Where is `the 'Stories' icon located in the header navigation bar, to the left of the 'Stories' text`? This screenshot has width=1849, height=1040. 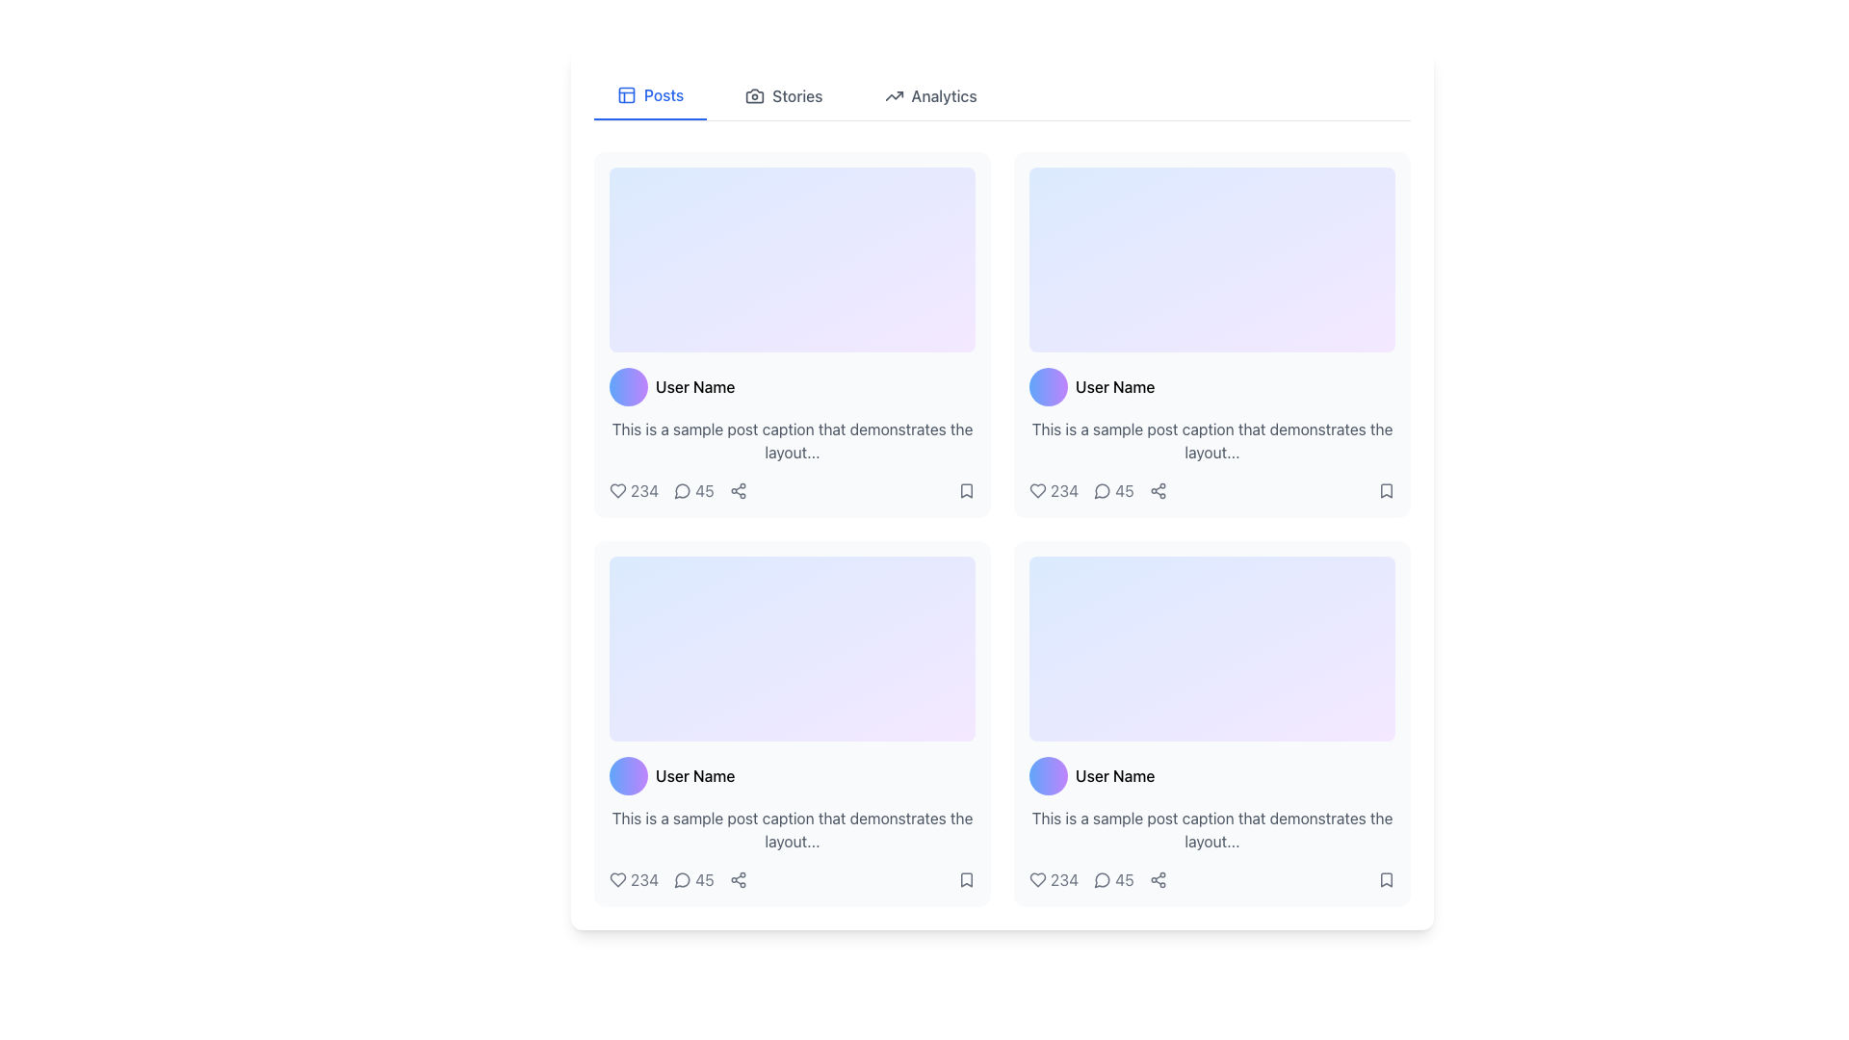 the 'Stories' icon located in the header navigation bar, to the left of the 'Stories' text is located at coordinates (754, 96).